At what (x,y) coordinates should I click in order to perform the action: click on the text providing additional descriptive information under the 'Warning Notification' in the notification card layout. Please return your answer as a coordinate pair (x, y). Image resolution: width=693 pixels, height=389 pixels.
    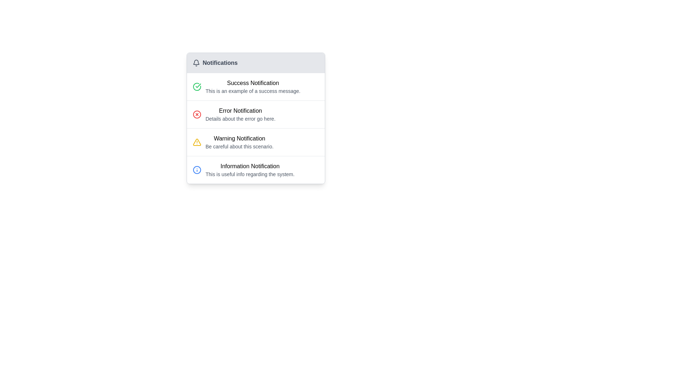
    Looking at the image, I should click on (239, 146).